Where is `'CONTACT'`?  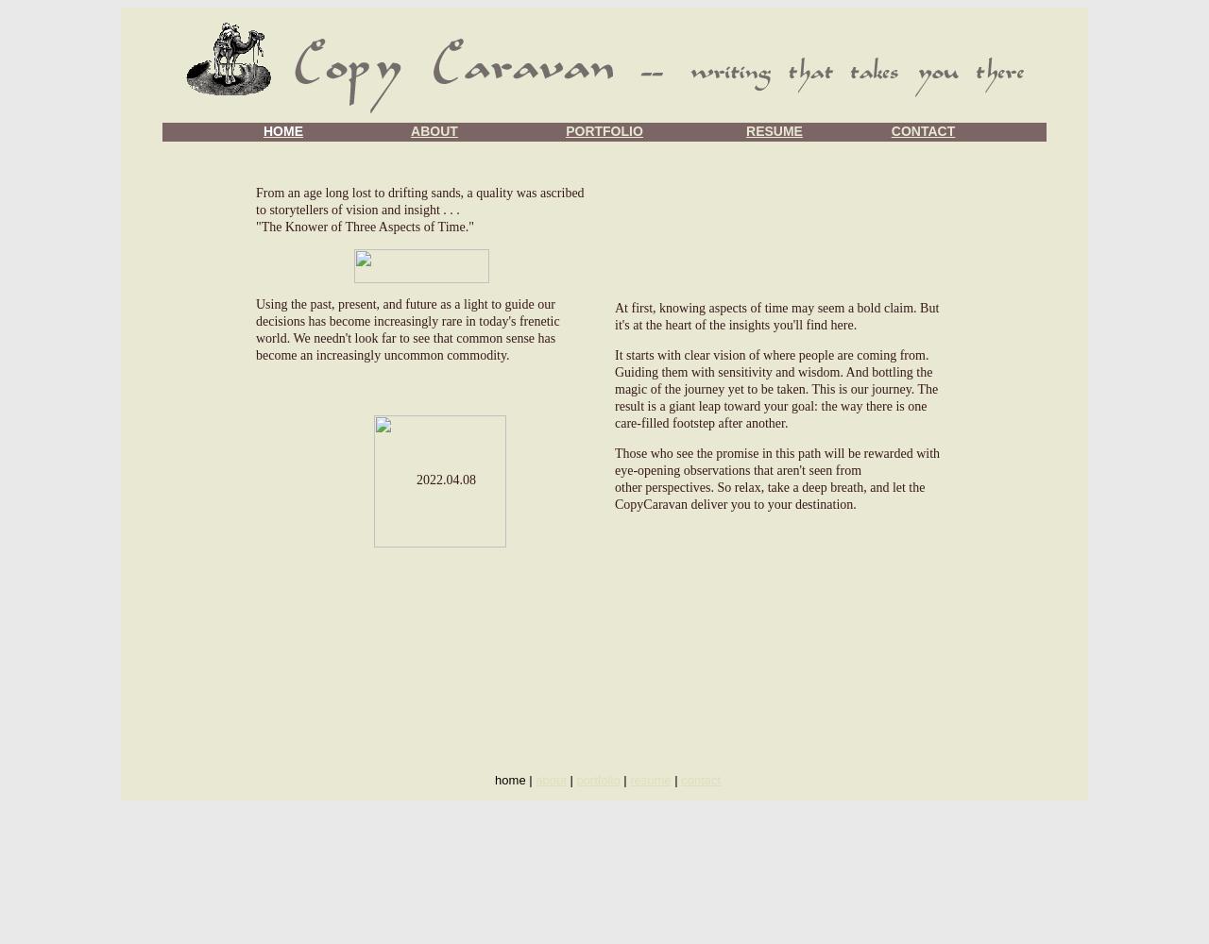
'CONTACT' is located at coordinates (889, 131).